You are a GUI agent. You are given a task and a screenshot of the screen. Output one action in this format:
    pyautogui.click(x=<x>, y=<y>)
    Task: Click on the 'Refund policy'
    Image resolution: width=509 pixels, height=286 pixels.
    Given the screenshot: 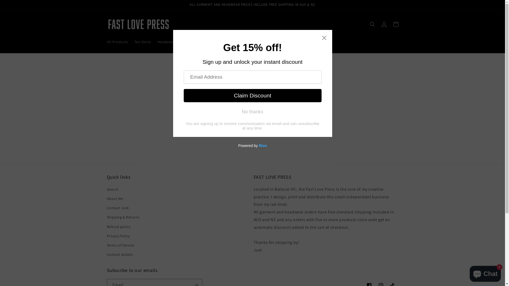 What is the action you would take?
    pyautogui.click(x=106, y=226)
    